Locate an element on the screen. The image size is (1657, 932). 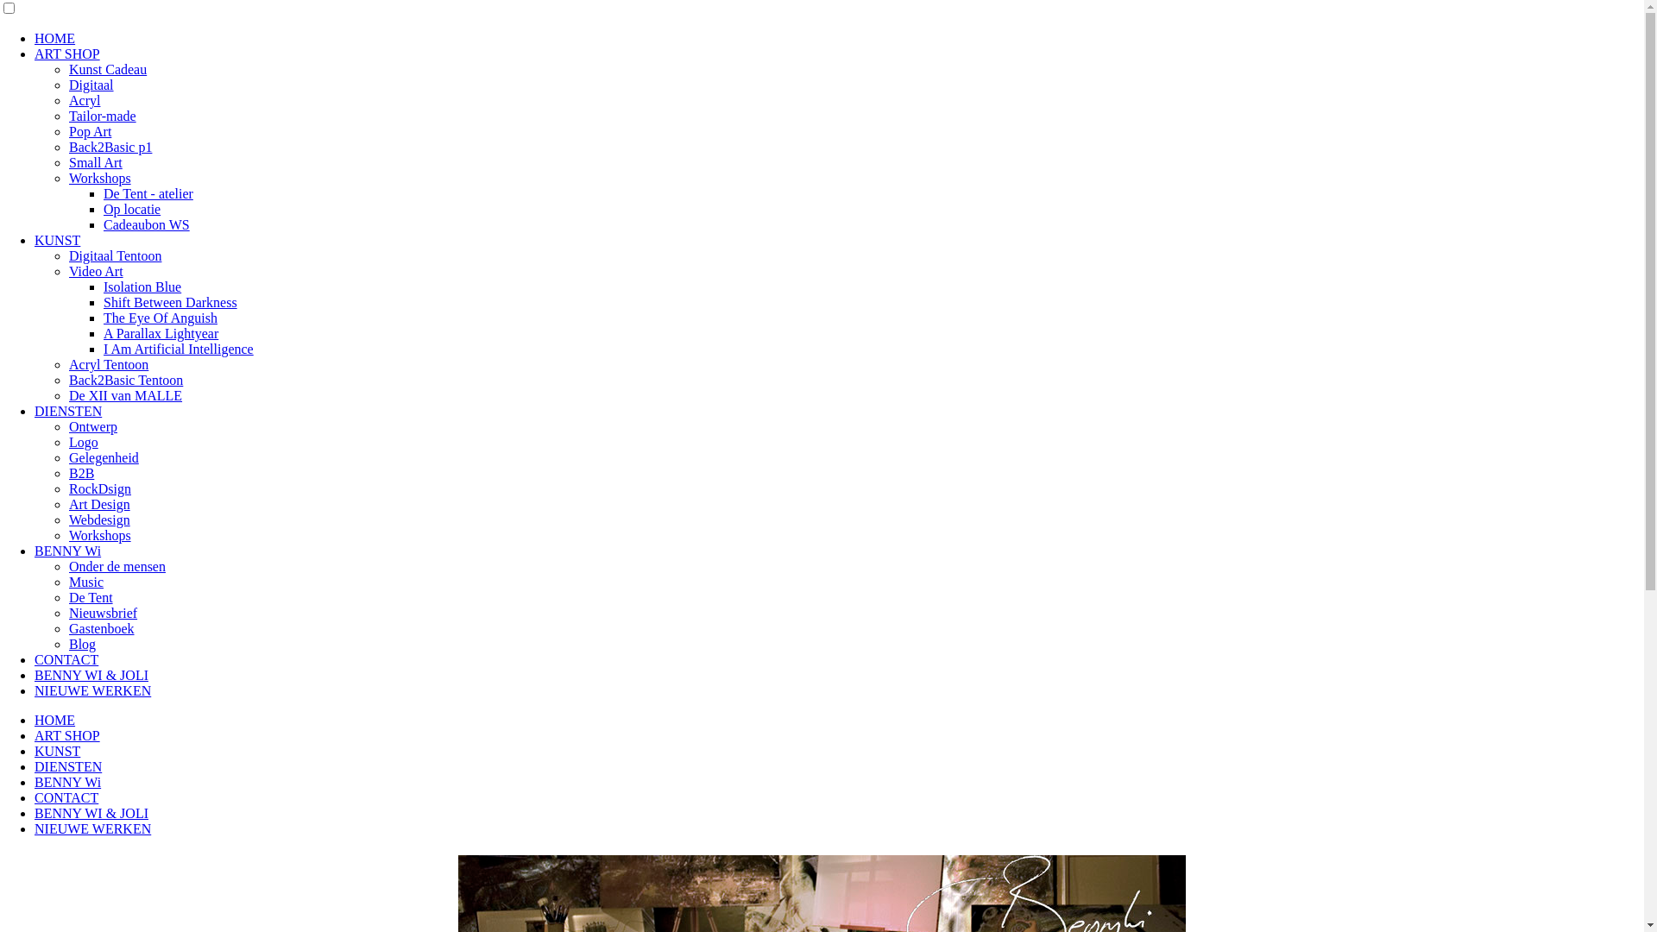
'Gelegenheid' is located at coordinates (103, 457).